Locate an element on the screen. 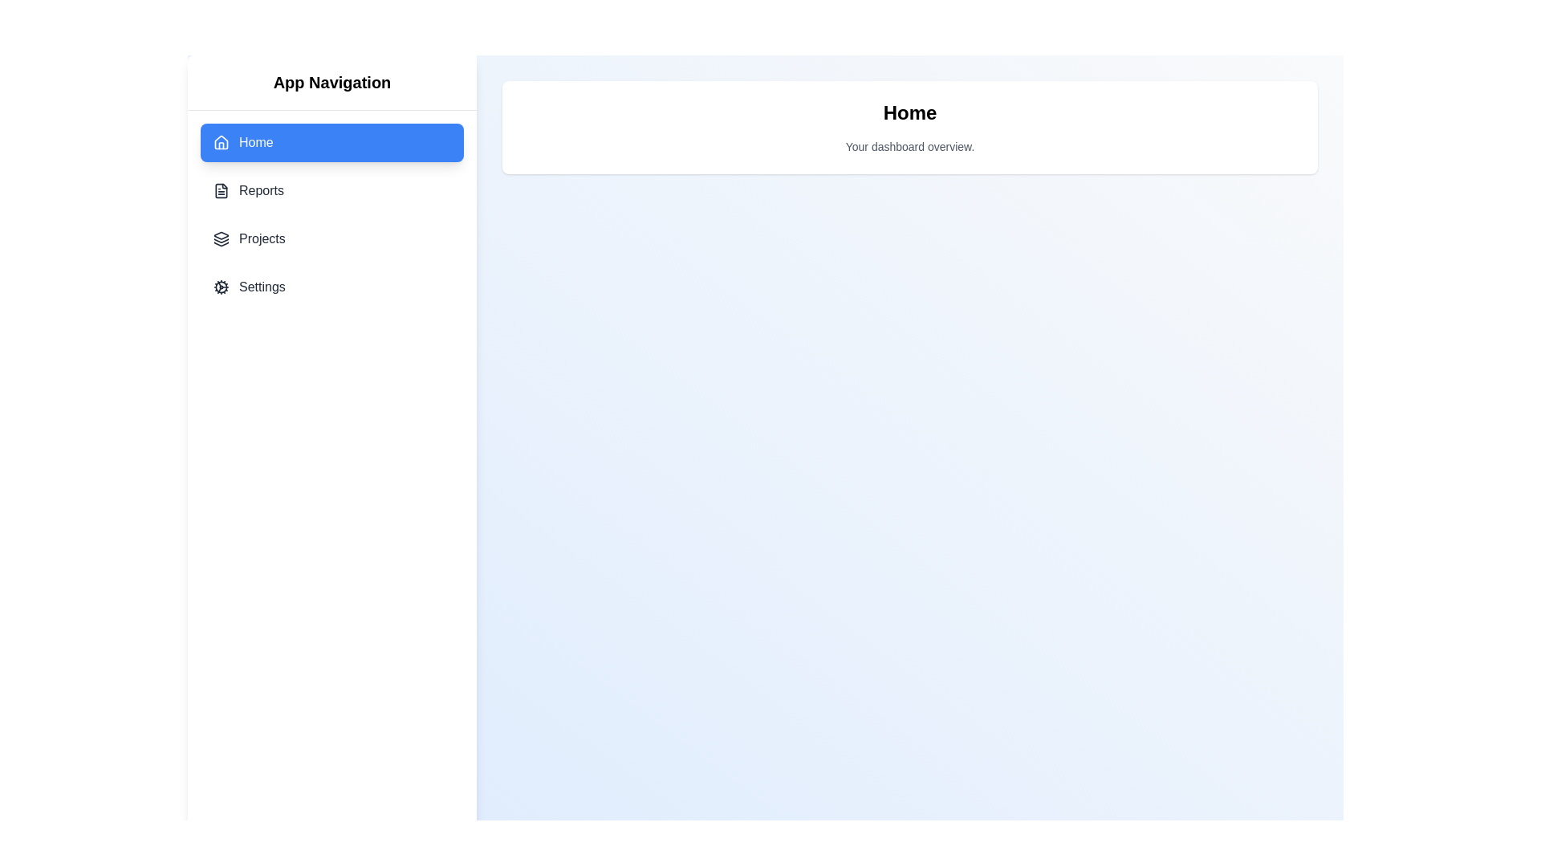 This screenshot has width=1541, height=867. the menu item Projects to inspect its tooltip effect is located at coordinates (331, 238).